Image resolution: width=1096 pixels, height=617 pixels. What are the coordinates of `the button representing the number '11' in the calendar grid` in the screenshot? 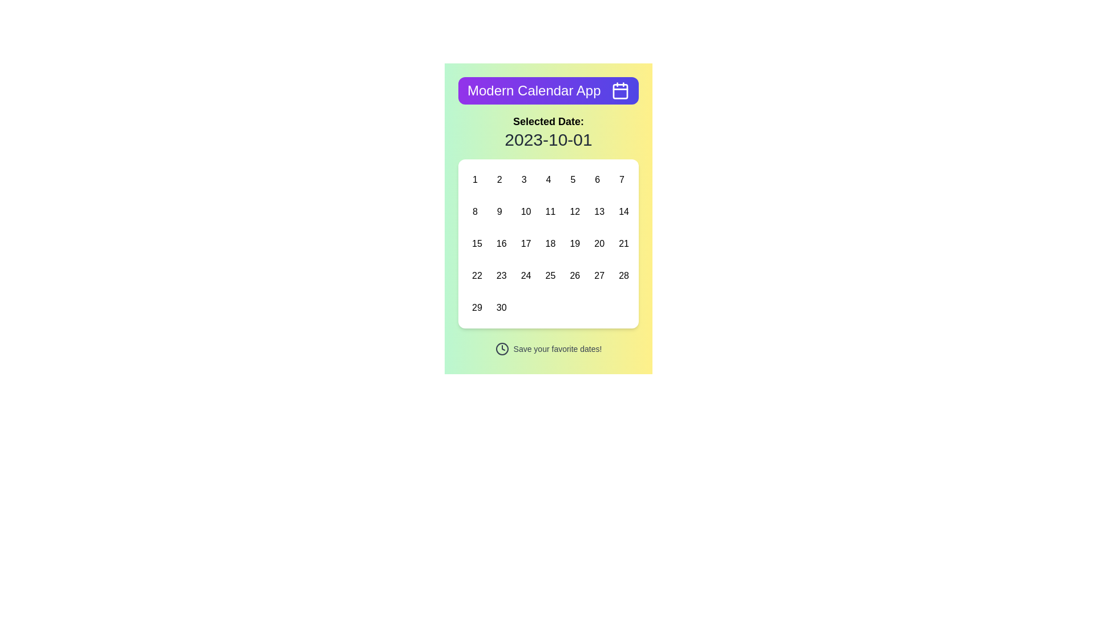 It's located at (548, 211).